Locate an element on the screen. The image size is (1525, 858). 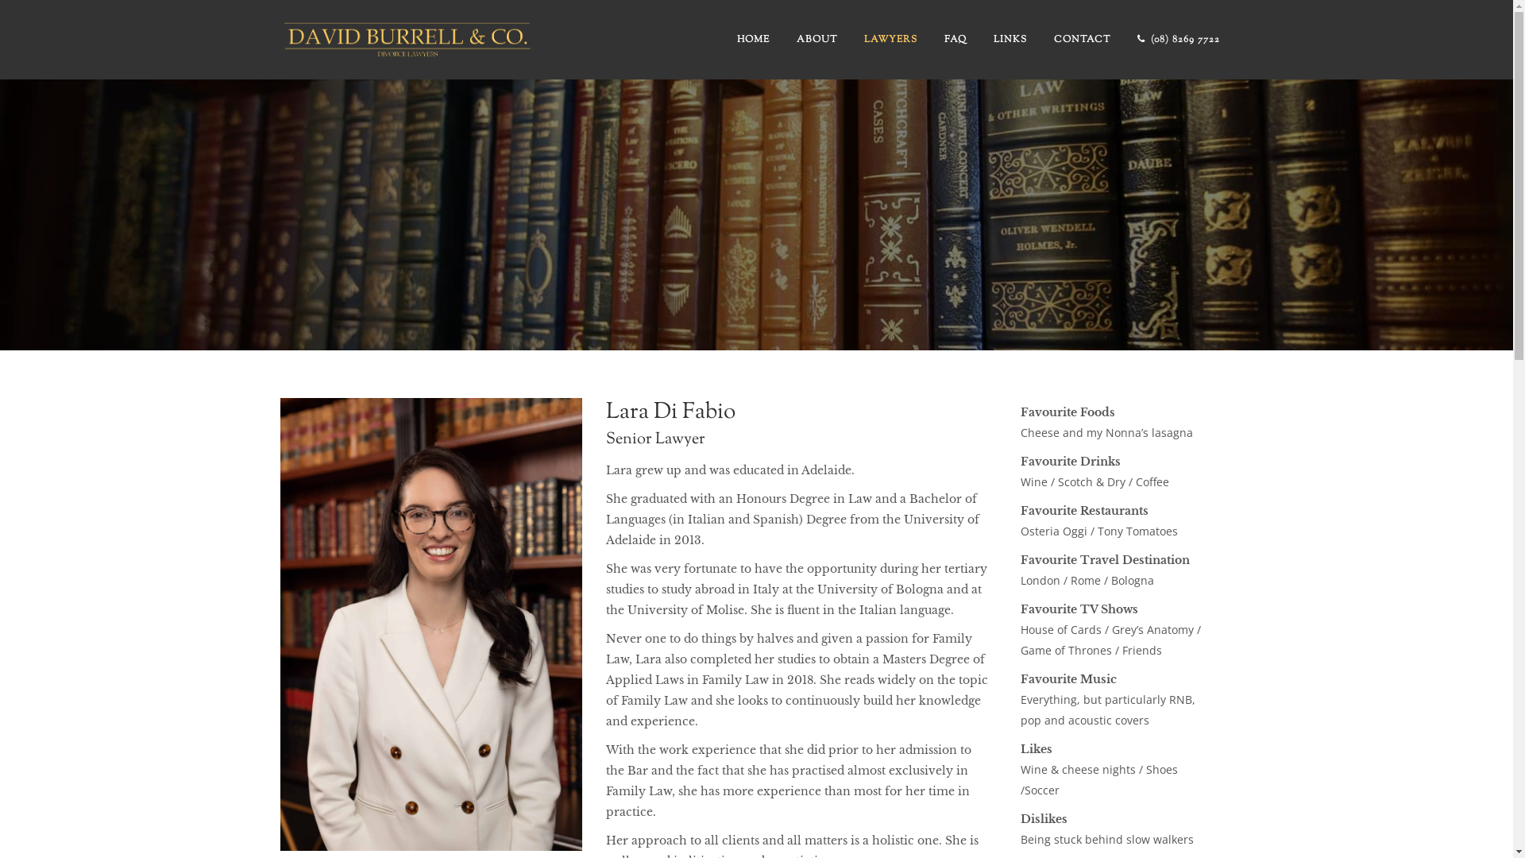
'LAWYERS' is located at coordinates (849, 39).